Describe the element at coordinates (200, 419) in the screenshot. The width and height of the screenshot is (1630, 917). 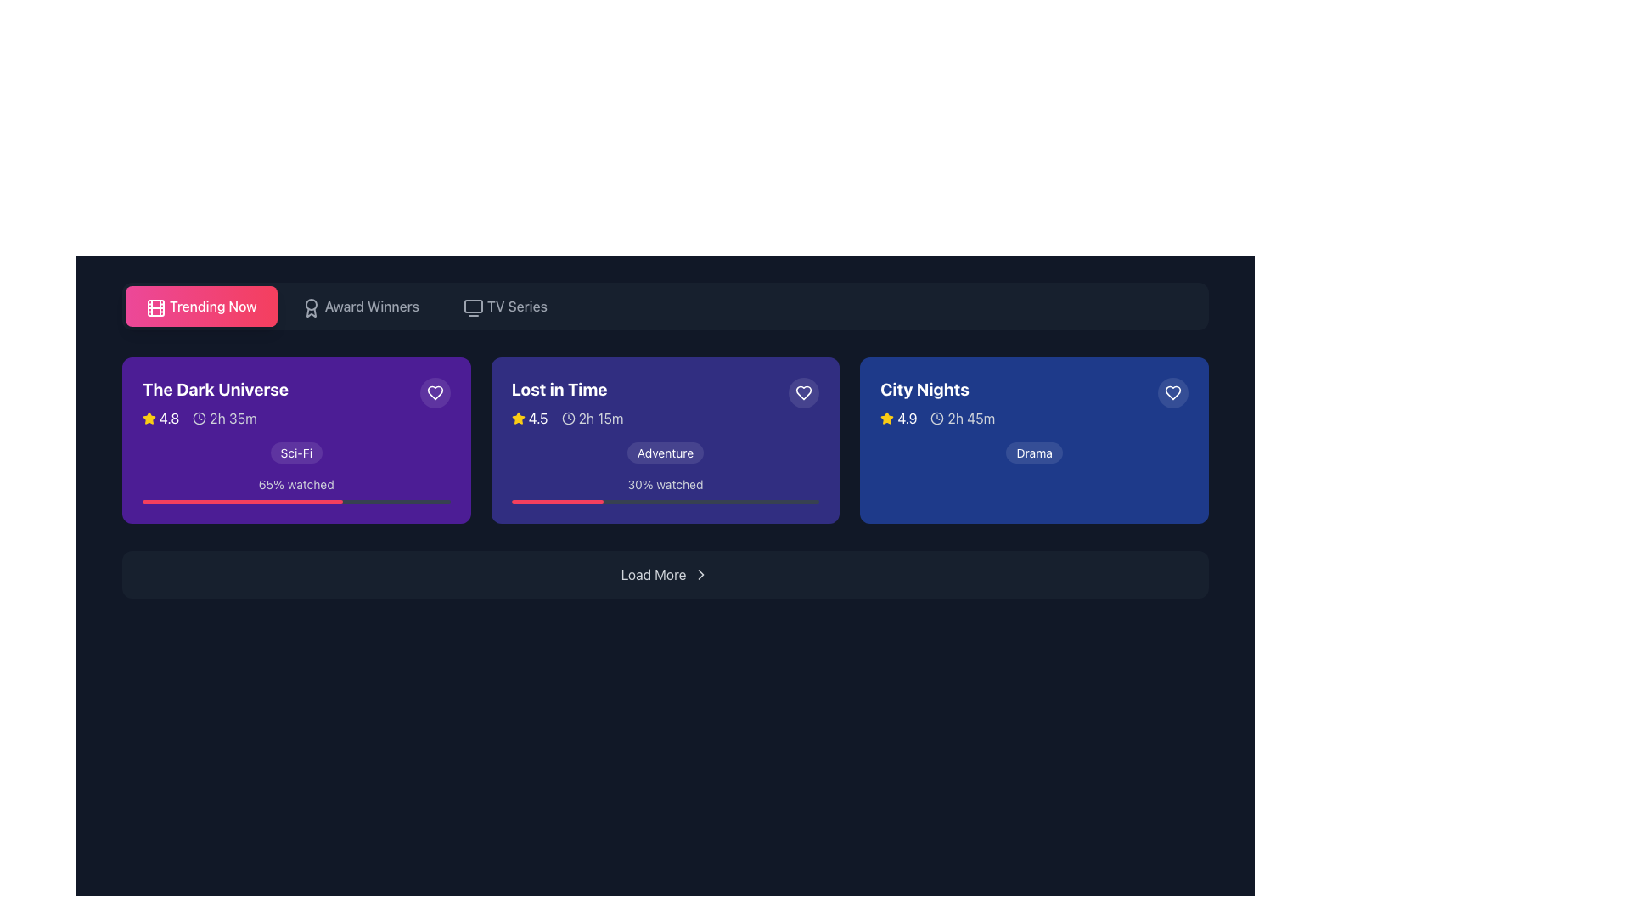
I see `the circular clock icon located within 'The Dark Universe' card, adjacent to the time duration text '2h 35m'` at that location.